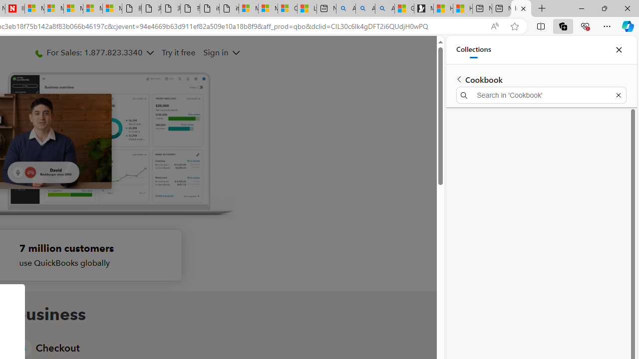 This screenshot has height=359, width=639. What do you see at coordinates (384, 8) in the screenshot?
I see `'Alabama high school quarterback dies - Search Videos'` at bounding box center [384, 8].